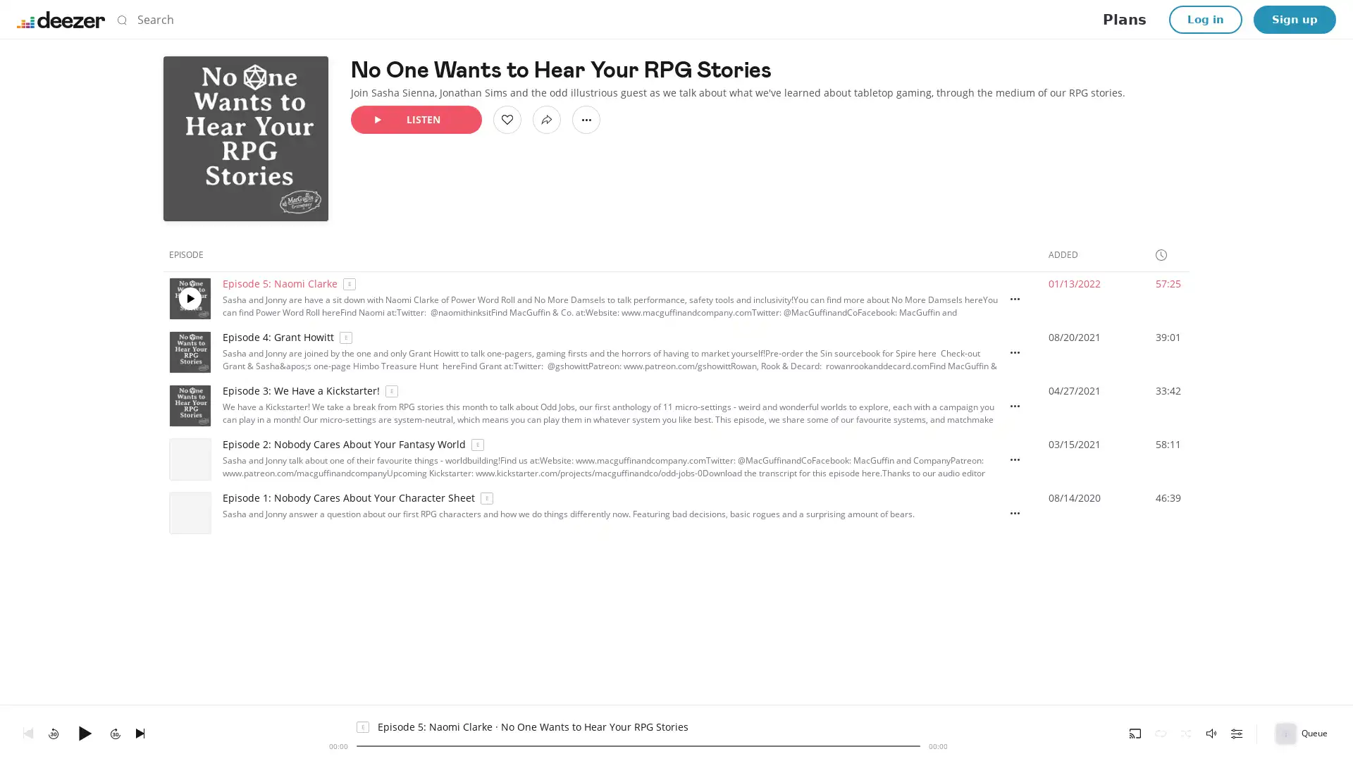 This screenshot has height=761, width=1353. What do you see at coordinates (898, 19) in the screenshot?
I see `Clear` at bounding box center [898, 19].